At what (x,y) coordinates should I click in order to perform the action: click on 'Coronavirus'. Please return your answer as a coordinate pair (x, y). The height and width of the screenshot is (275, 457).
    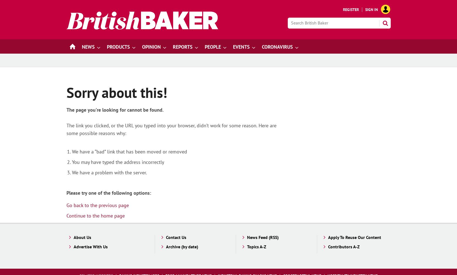
    Looking at the image, I should click on (277, 47).